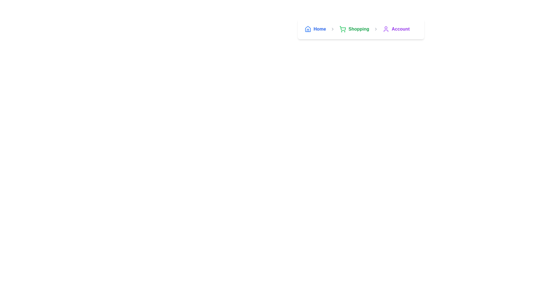  What do you see at coordinates (315, 29) in the screenshot?
I see `the interactive clickable link labeled 'Home' with a house icon to trigger tooltip or highlighting effects` at bounding box center [315, 29].